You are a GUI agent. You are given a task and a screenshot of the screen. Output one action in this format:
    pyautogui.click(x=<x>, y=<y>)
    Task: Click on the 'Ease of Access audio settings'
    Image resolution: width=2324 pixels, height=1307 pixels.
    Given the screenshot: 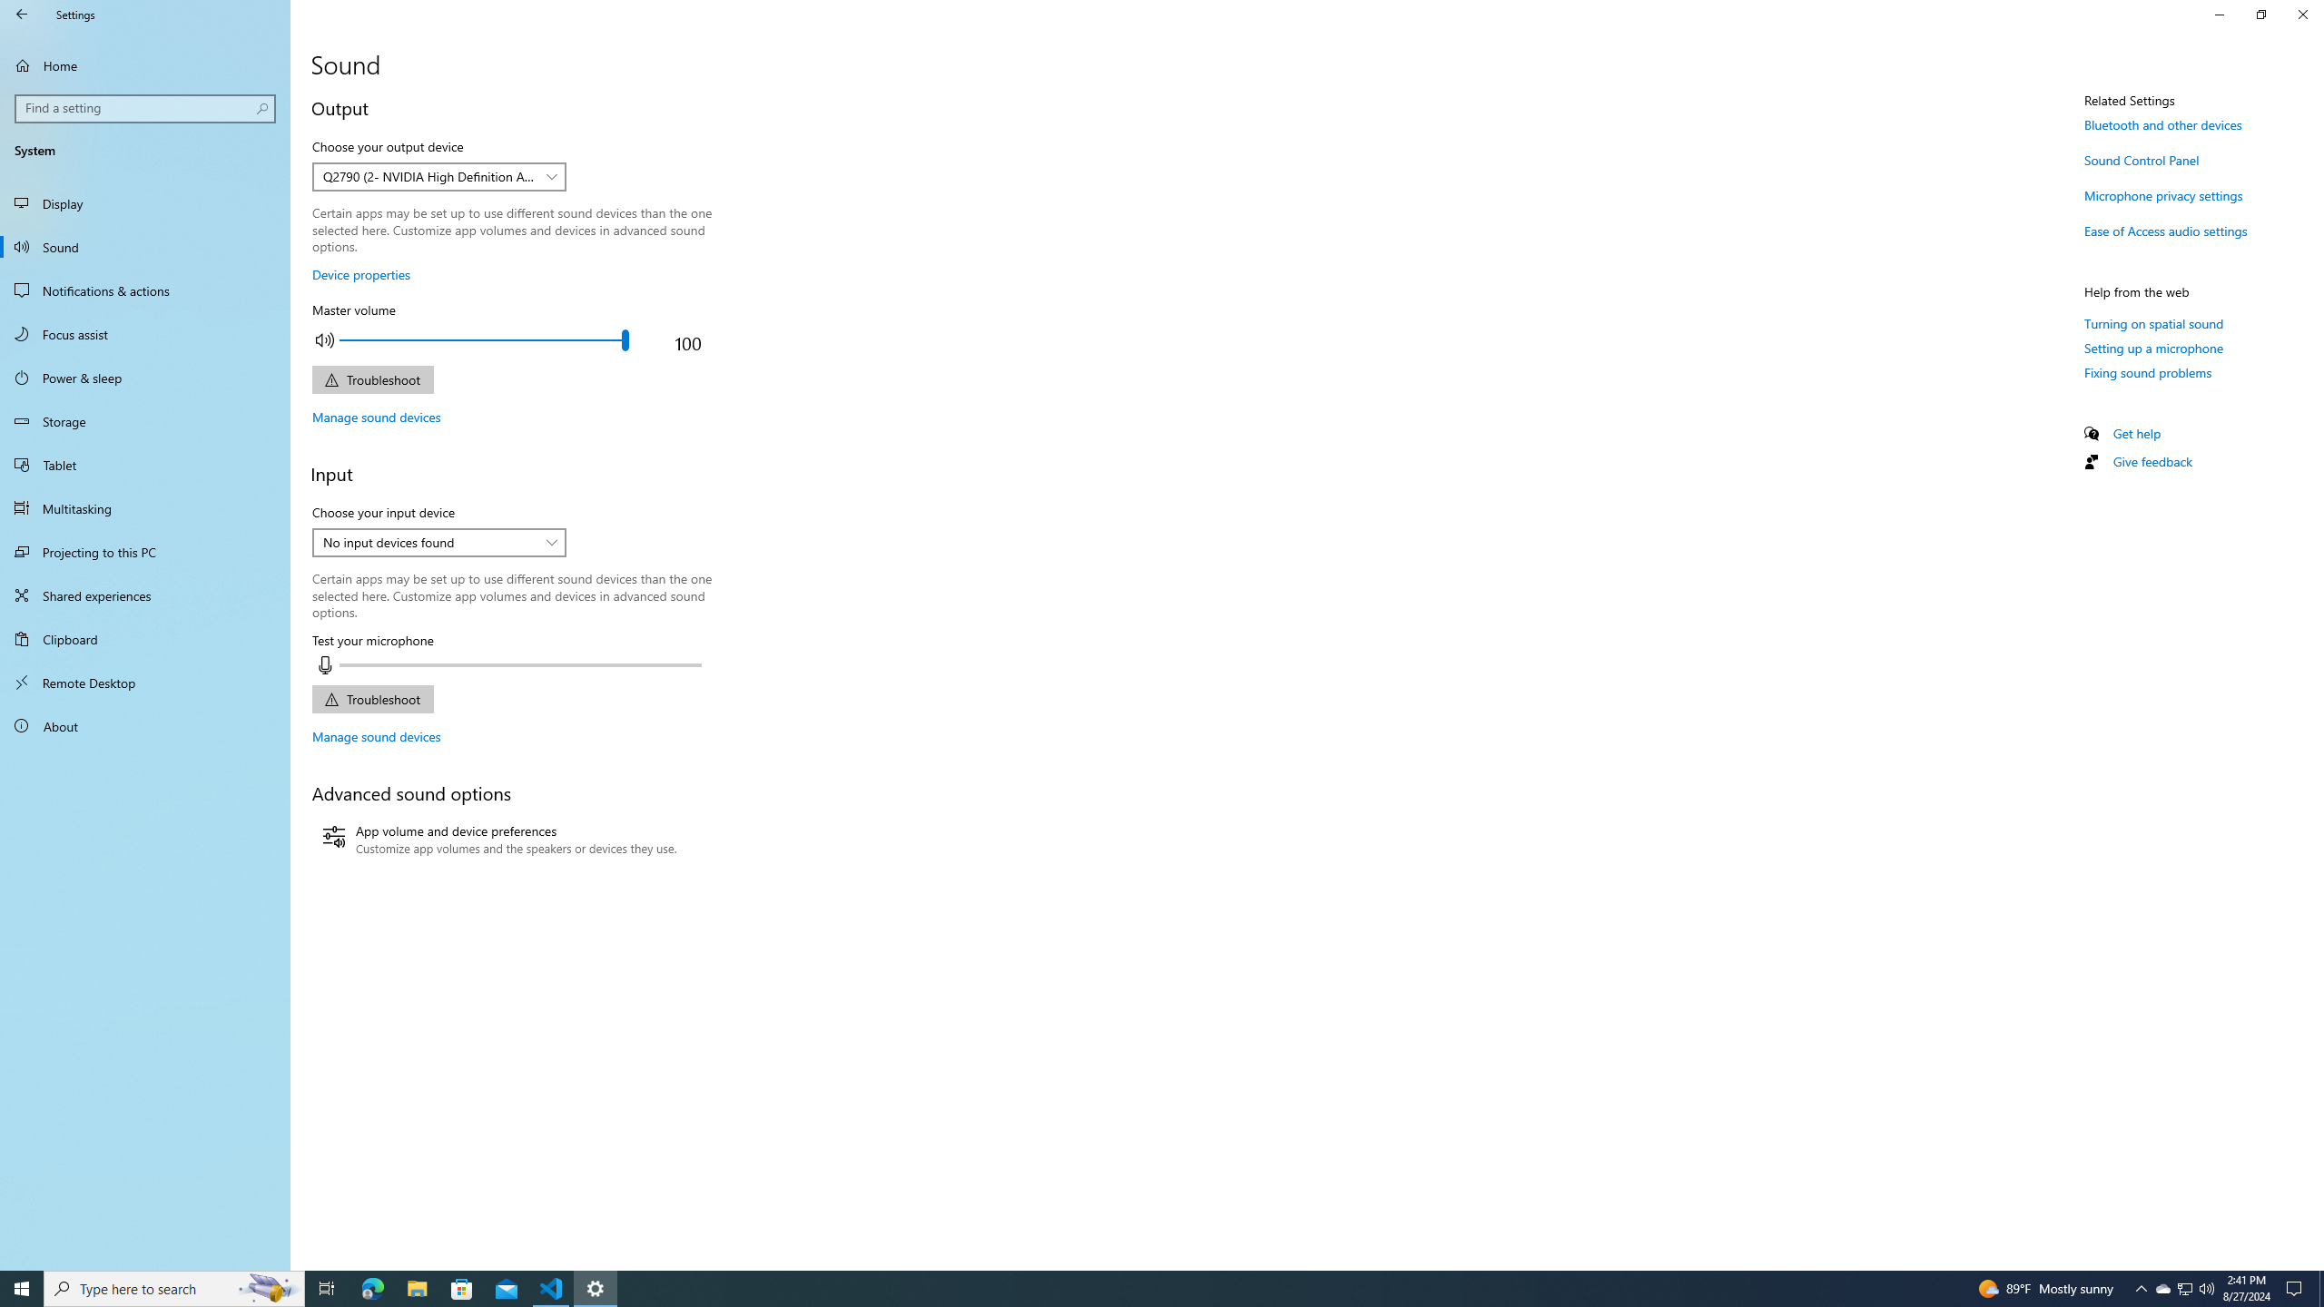 What is the action you would take?
    pyautogui.click(x=2164, y=230)
    